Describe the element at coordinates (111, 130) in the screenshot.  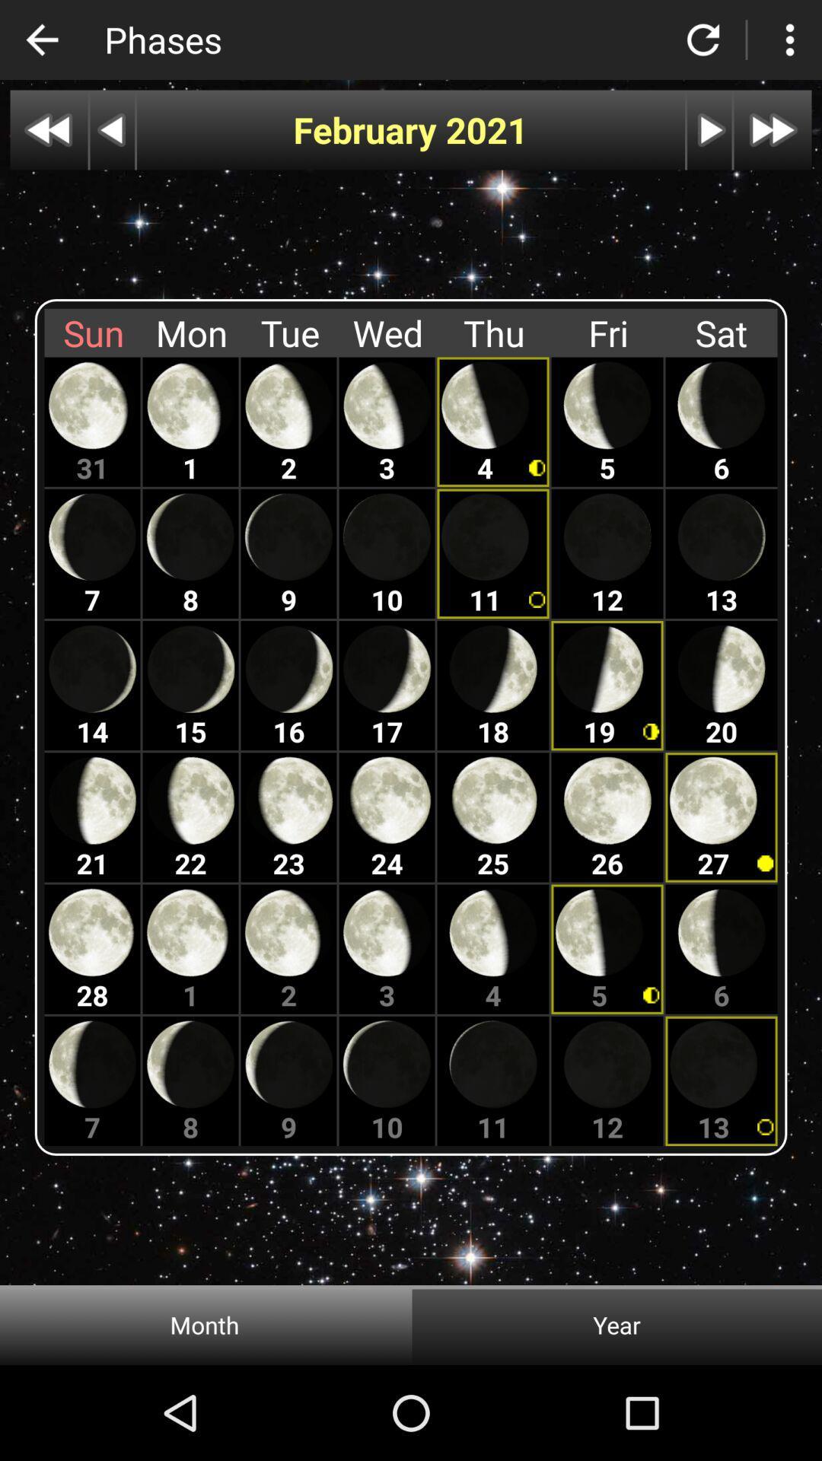
I see `previous` at that location.